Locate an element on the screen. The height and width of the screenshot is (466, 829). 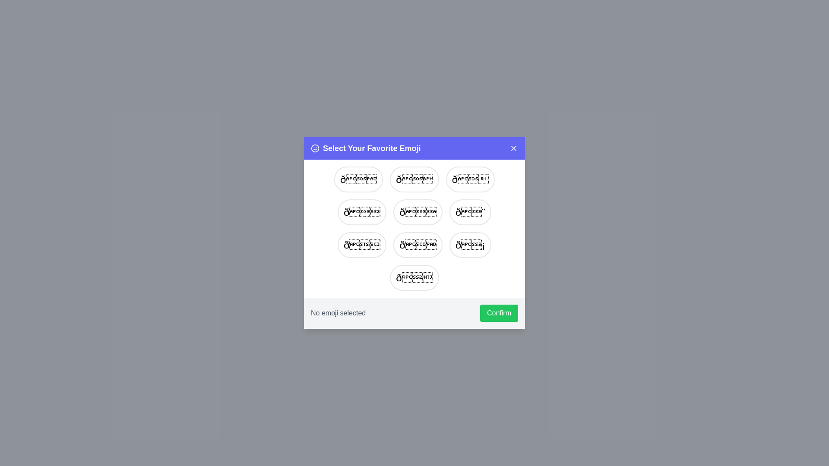
the emoji 😍 from the list is located at coordinates (470, 179).